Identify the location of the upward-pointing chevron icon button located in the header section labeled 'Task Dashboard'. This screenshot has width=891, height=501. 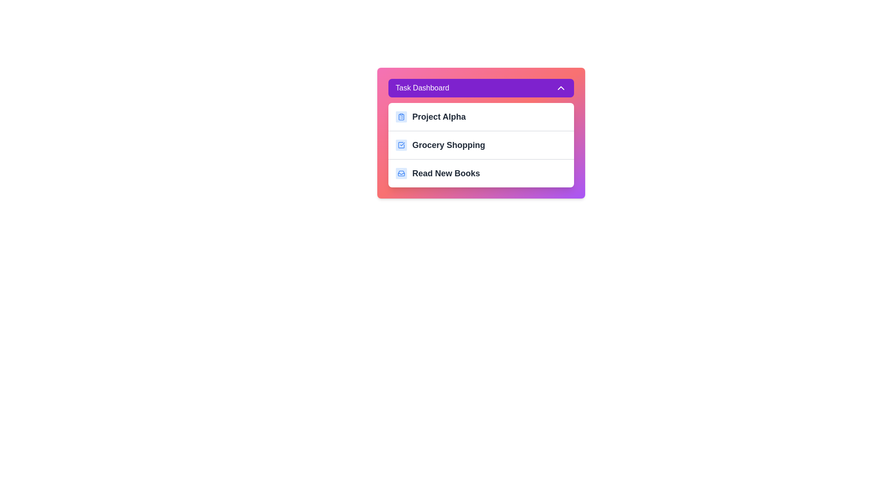
(560, 88).